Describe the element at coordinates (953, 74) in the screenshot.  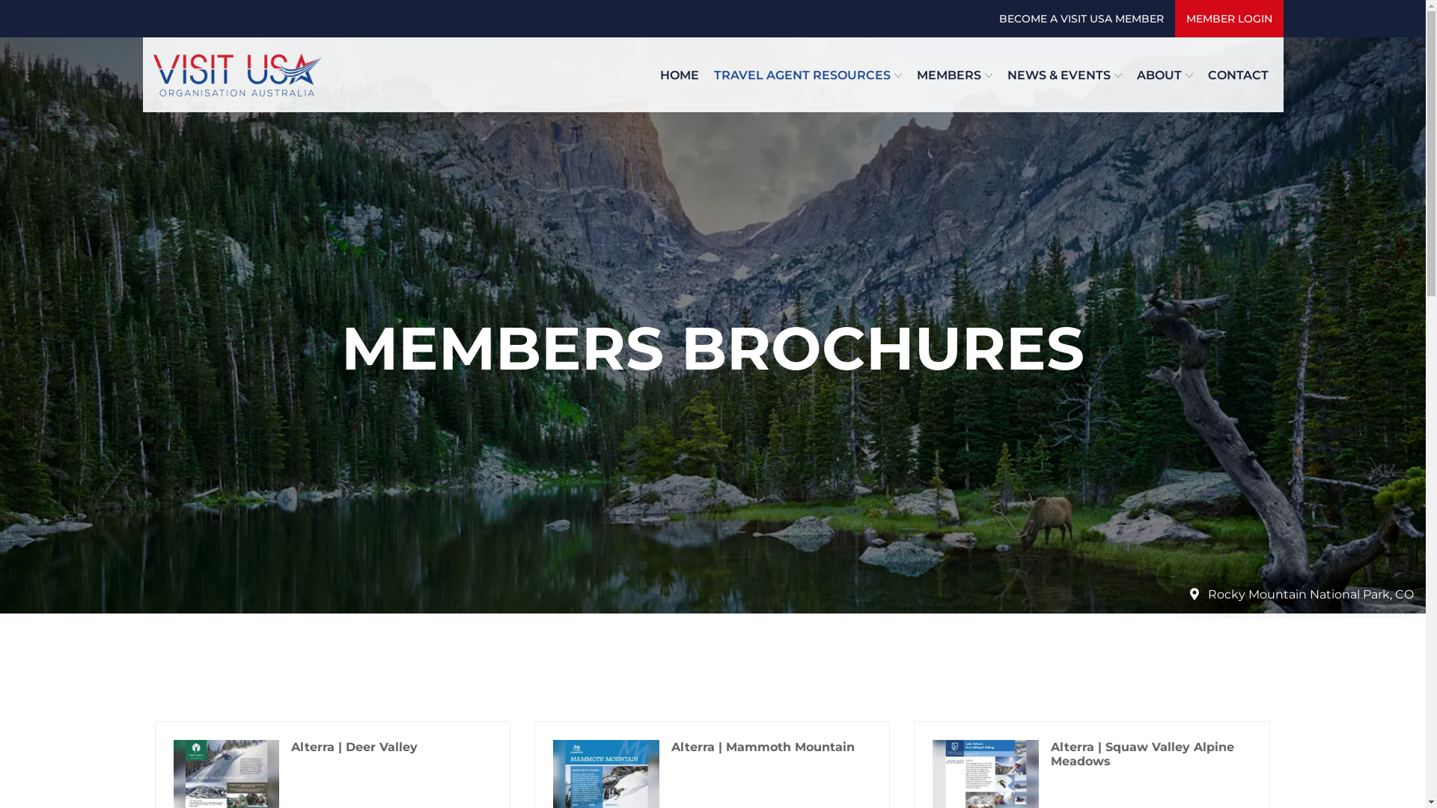
I see `'MEMBERS'` at that location.